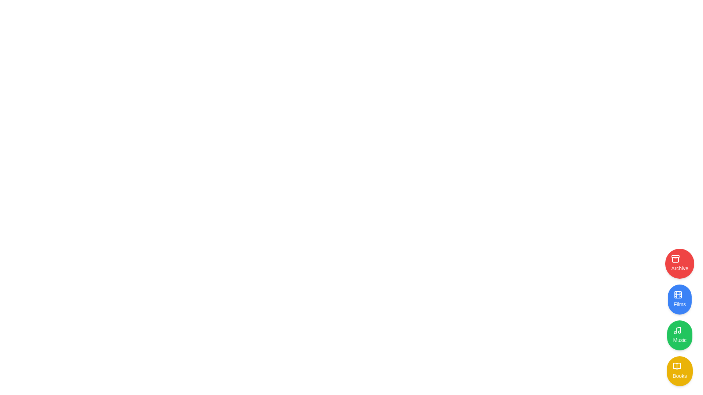  What do you see at coordinates (679, 304) in the screenshot?
I see `the text label located inside the second button from the top of the right-side vertical menu, which is blue and marked with a filmstrip-like icon` at bounding box center [679, 304].